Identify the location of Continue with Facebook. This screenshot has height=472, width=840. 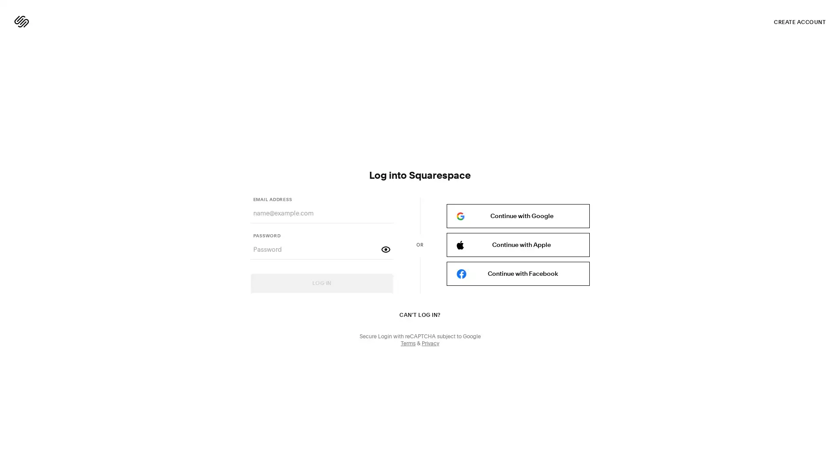
(518, 273).